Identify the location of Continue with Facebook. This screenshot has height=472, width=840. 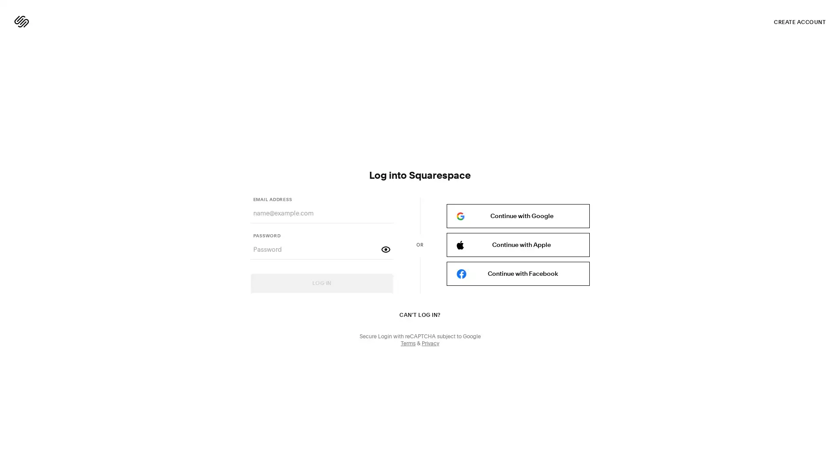
(518, 273).